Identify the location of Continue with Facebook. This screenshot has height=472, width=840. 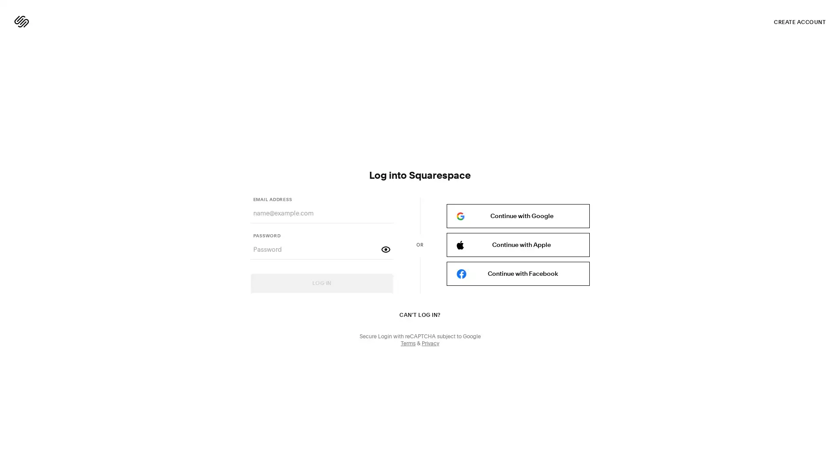
(518, 273).